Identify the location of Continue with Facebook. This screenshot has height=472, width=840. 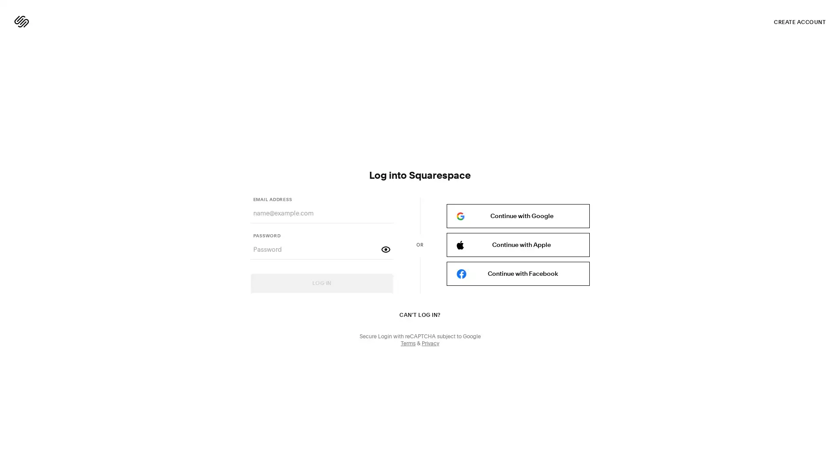
(518, 273).